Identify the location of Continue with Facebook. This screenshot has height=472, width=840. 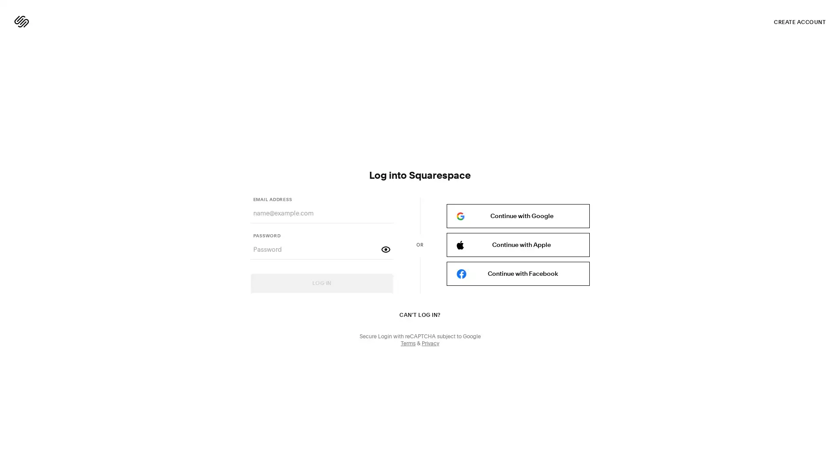
(518, 273).